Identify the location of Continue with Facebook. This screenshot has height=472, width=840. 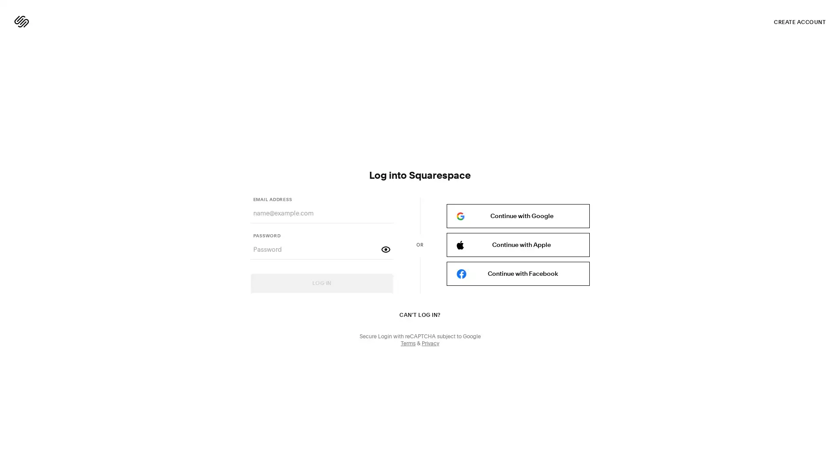
(518, 273).